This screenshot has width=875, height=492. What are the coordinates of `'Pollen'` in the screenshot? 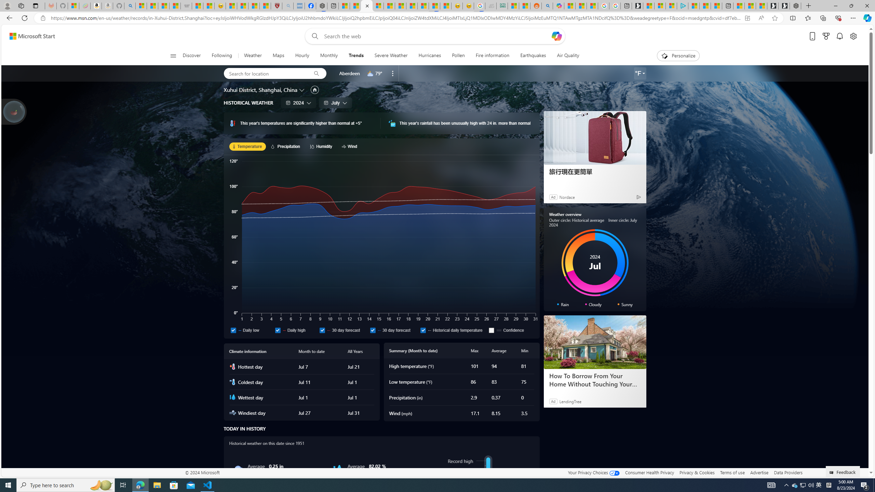 It's located at (458, 55).